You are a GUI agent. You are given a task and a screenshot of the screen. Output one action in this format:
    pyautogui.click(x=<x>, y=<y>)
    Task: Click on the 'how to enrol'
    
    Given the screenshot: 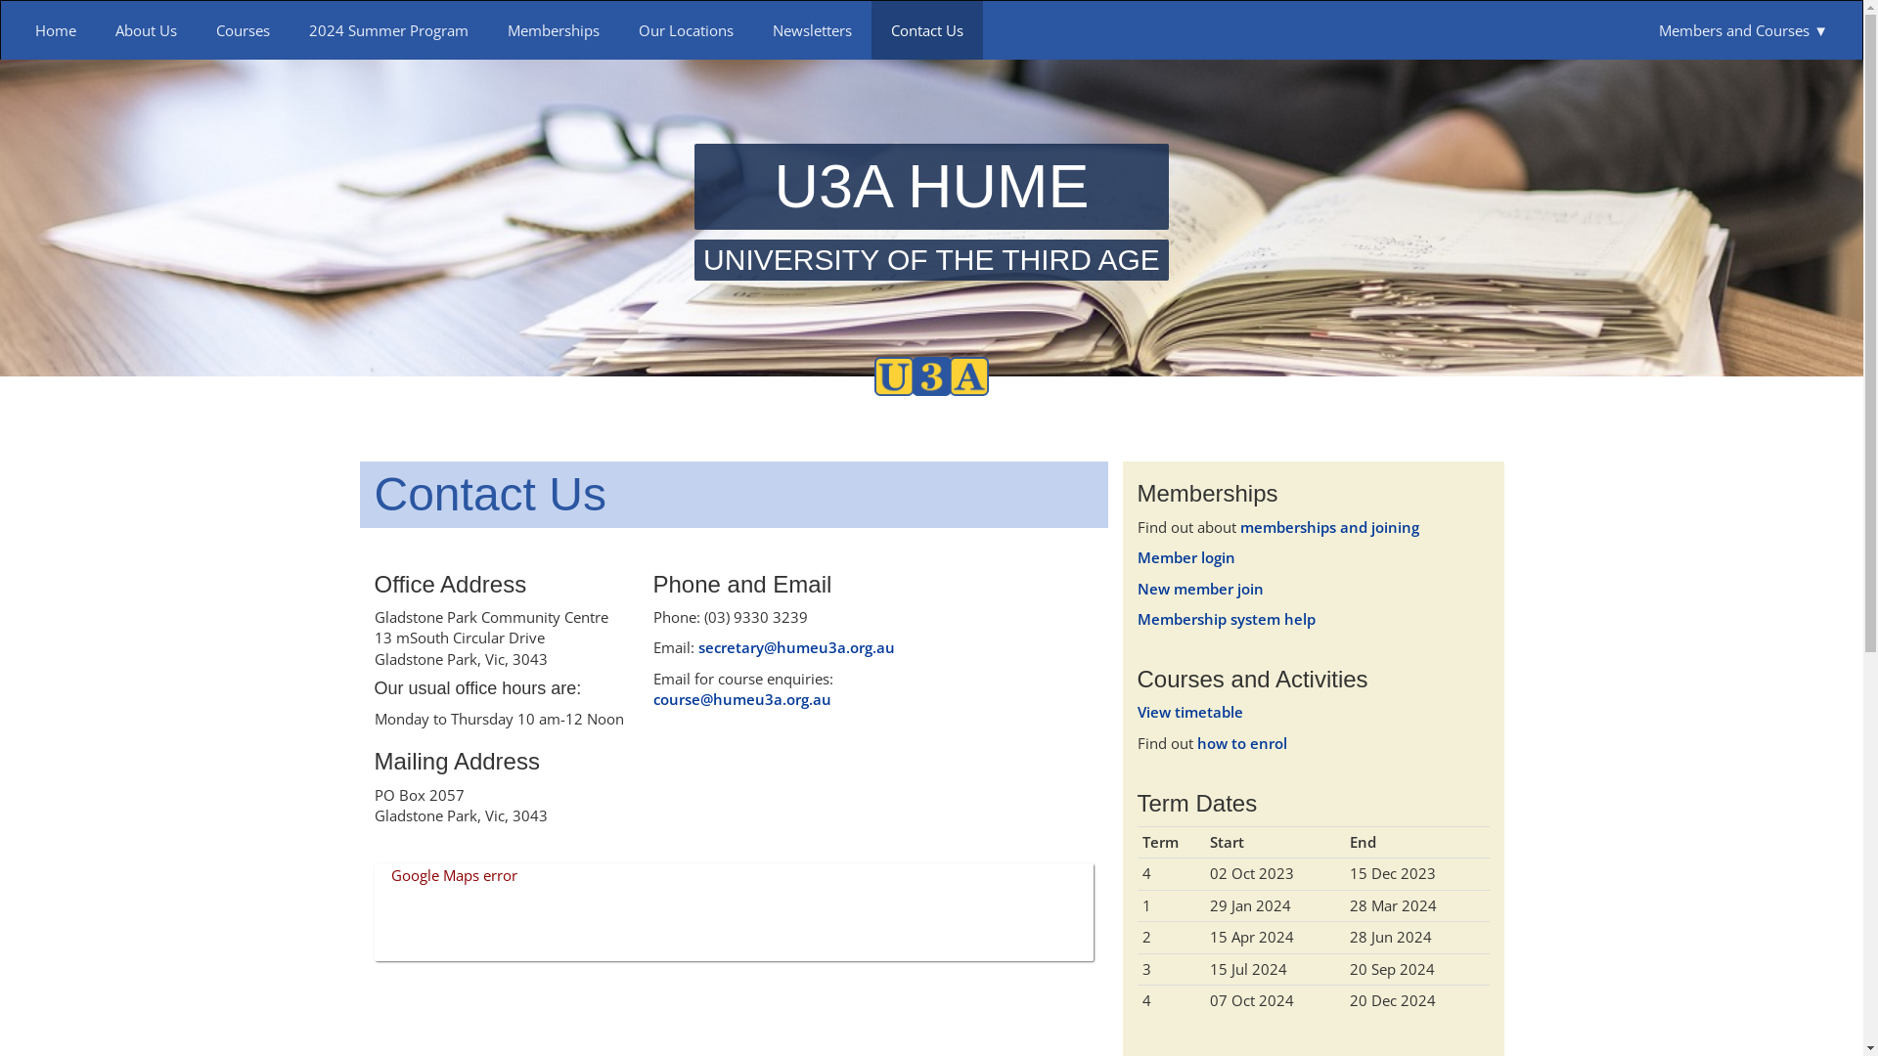 What is the action you would take?
    pyautogui.click(x=1241, y=742)
    